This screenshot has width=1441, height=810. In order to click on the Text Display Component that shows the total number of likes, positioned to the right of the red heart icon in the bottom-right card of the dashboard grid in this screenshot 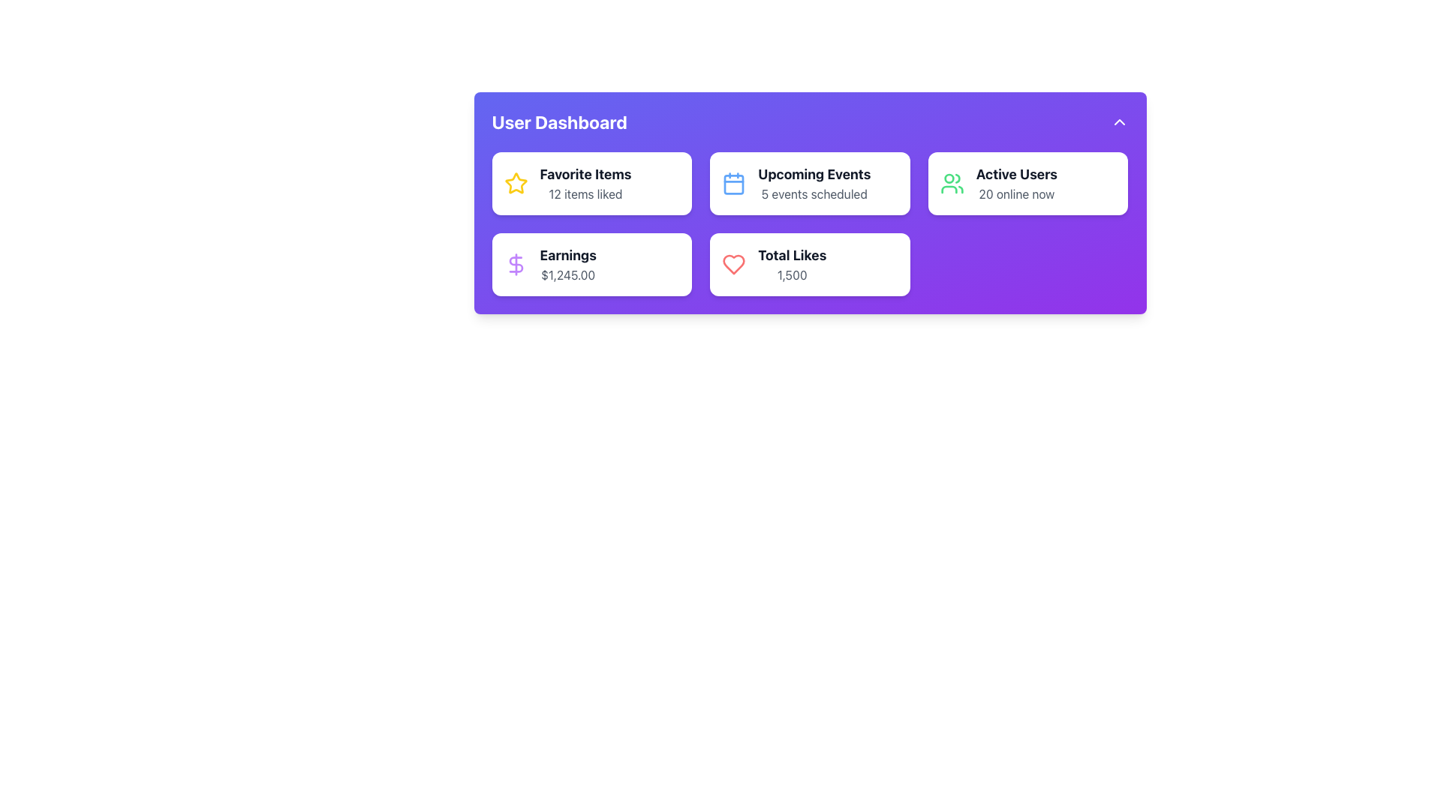, I will do `click(791, 264)`.